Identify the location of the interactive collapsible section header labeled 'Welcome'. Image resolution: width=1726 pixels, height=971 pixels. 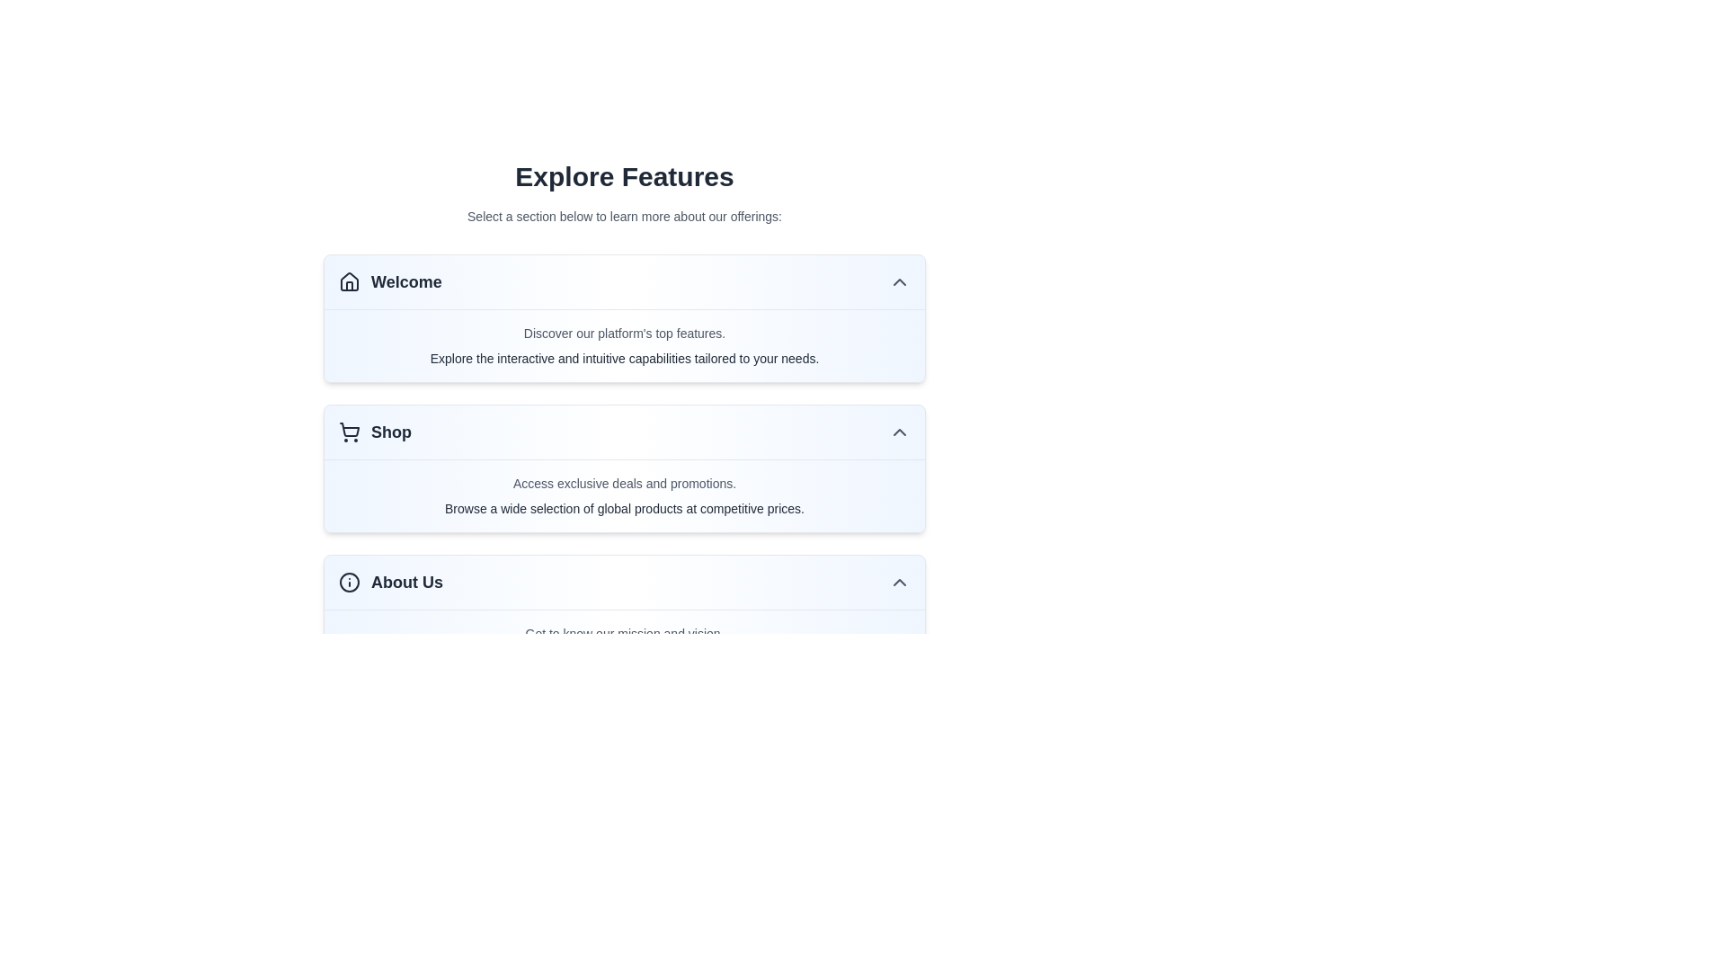
(625, 282).